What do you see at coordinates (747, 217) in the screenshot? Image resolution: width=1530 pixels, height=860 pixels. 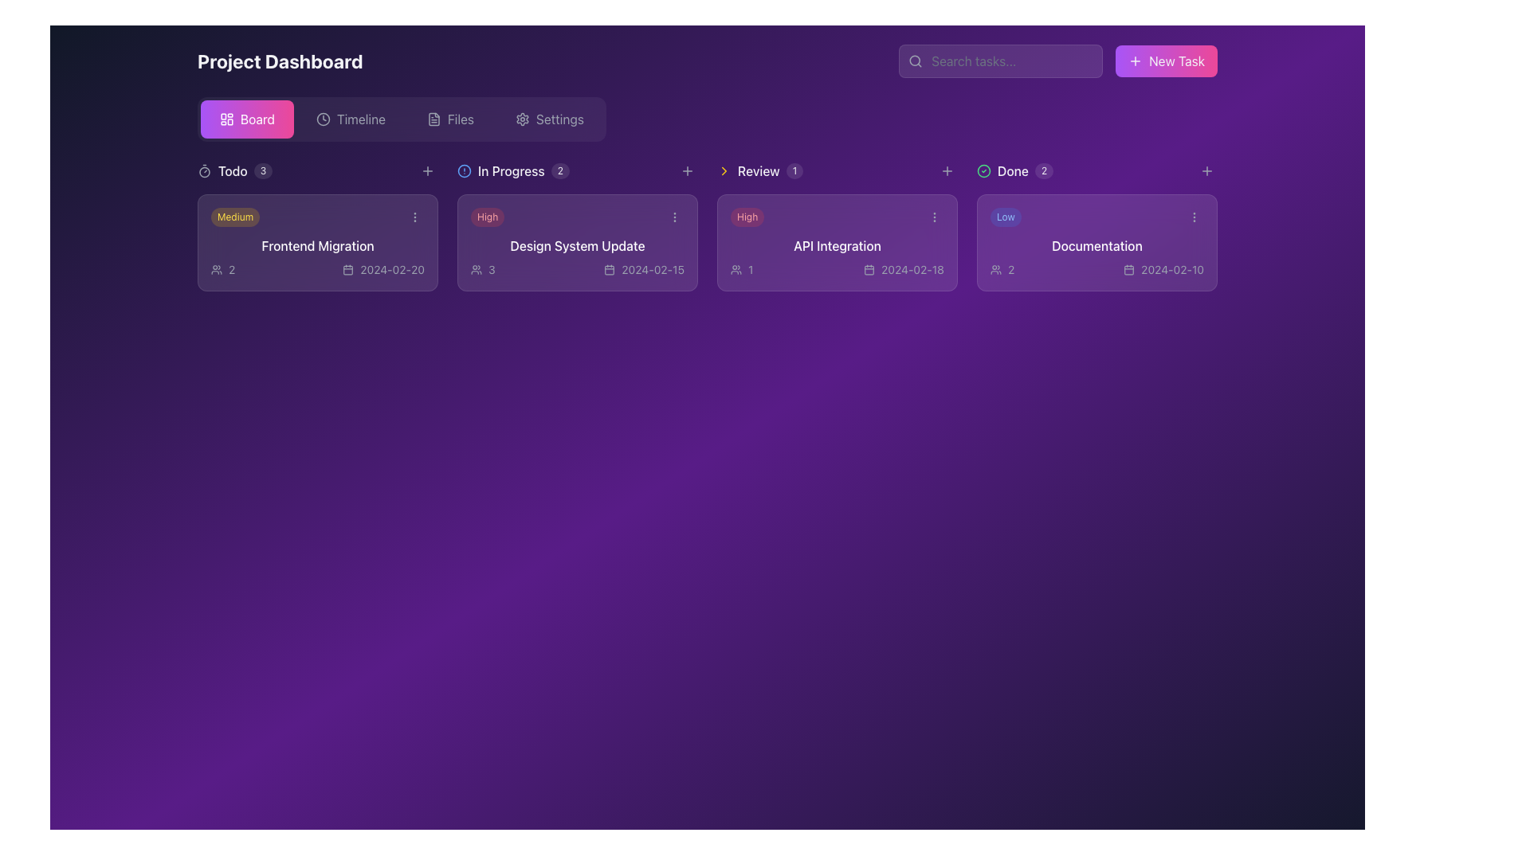 I see `priority label 'High' displayed as a tag with a red background in the top-left corner of the 'API Integration' card within the 'Review' column` at bounding box center [747, 217].